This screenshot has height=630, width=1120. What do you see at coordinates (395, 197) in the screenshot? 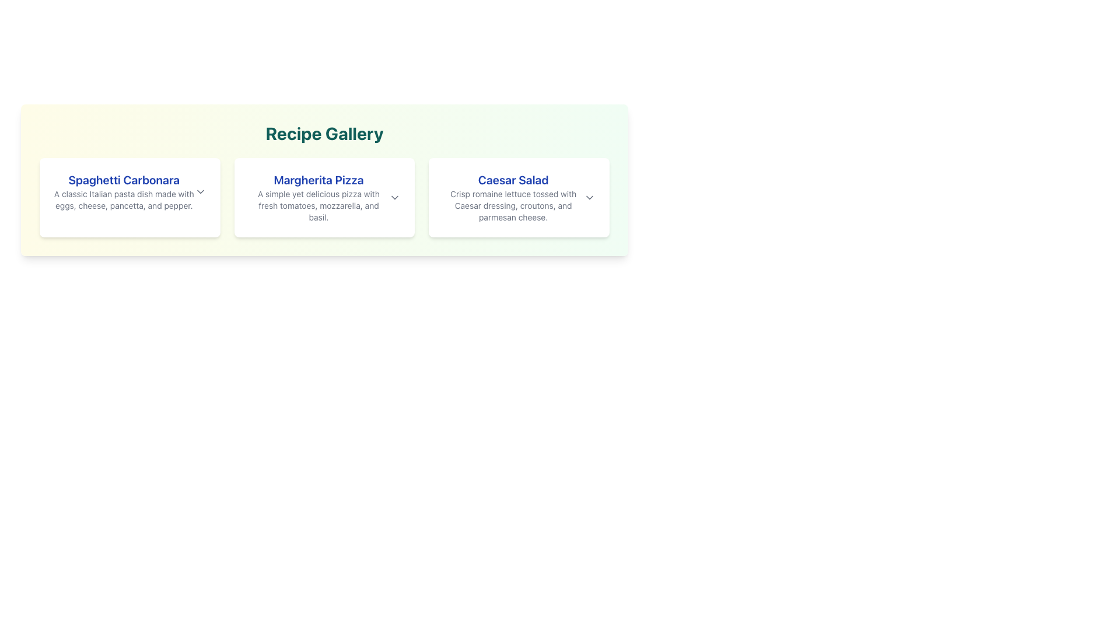
I see `the dropdown activator icon located on the right side of the 'Margherita Pizza' section` at bounding box center [395, 197].